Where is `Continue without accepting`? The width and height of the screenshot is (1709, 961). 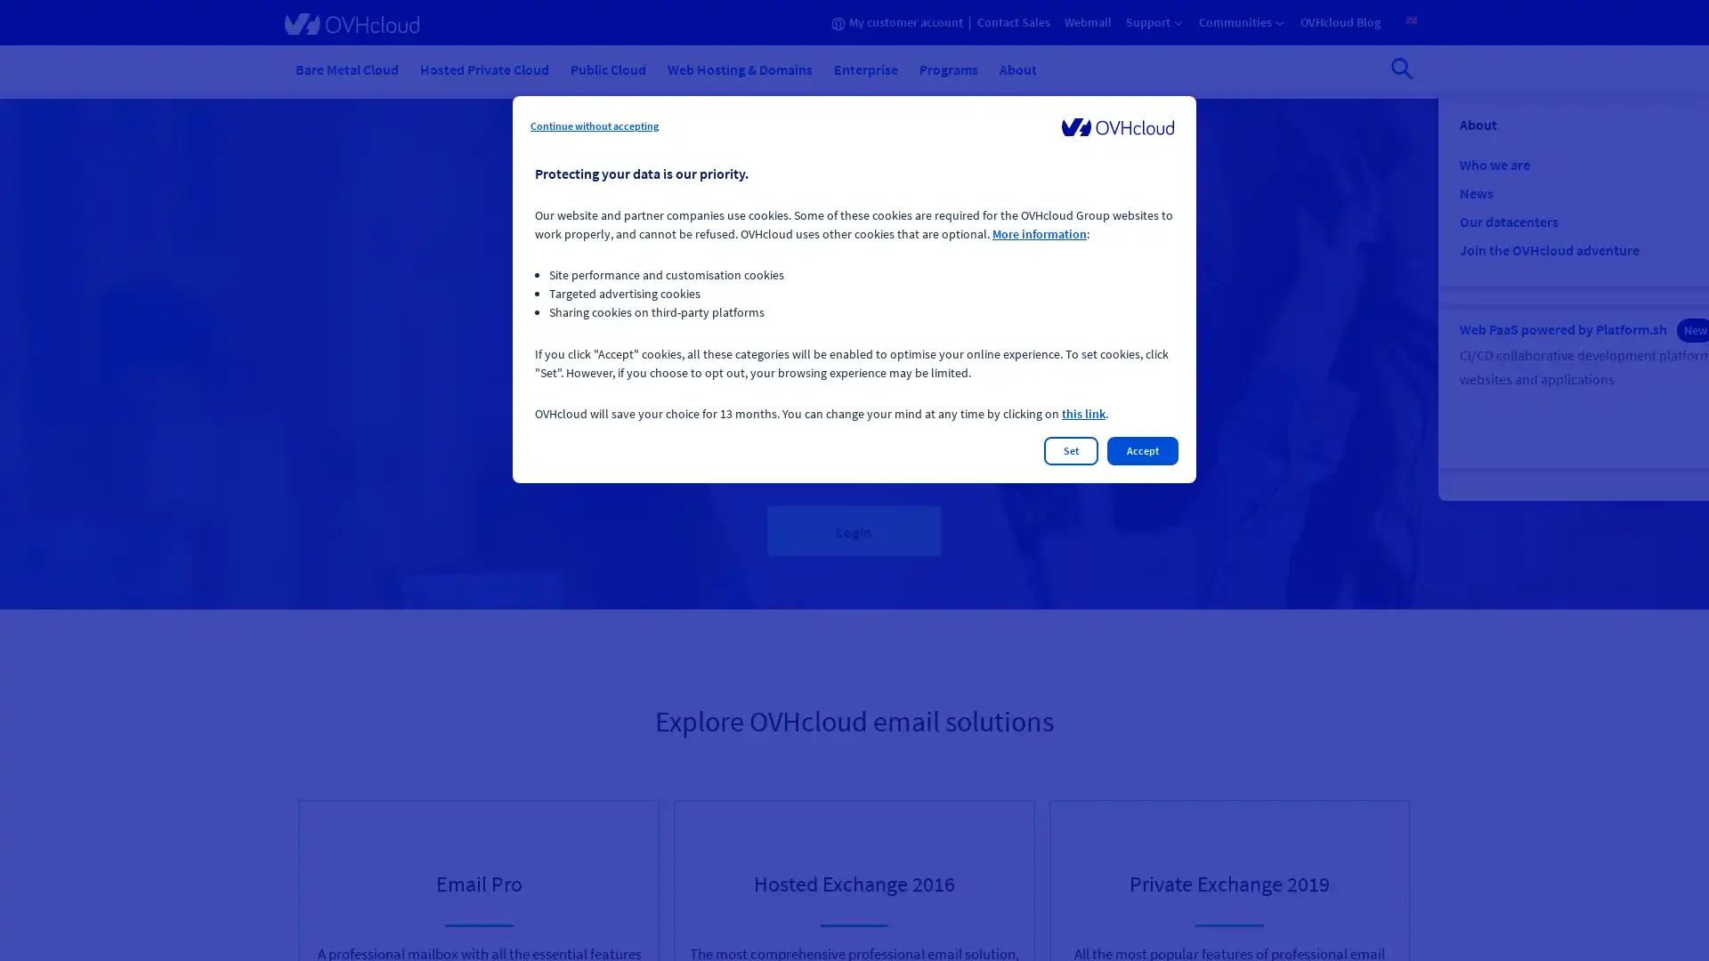
Continue without accepting is located at coordinates (594, 125).